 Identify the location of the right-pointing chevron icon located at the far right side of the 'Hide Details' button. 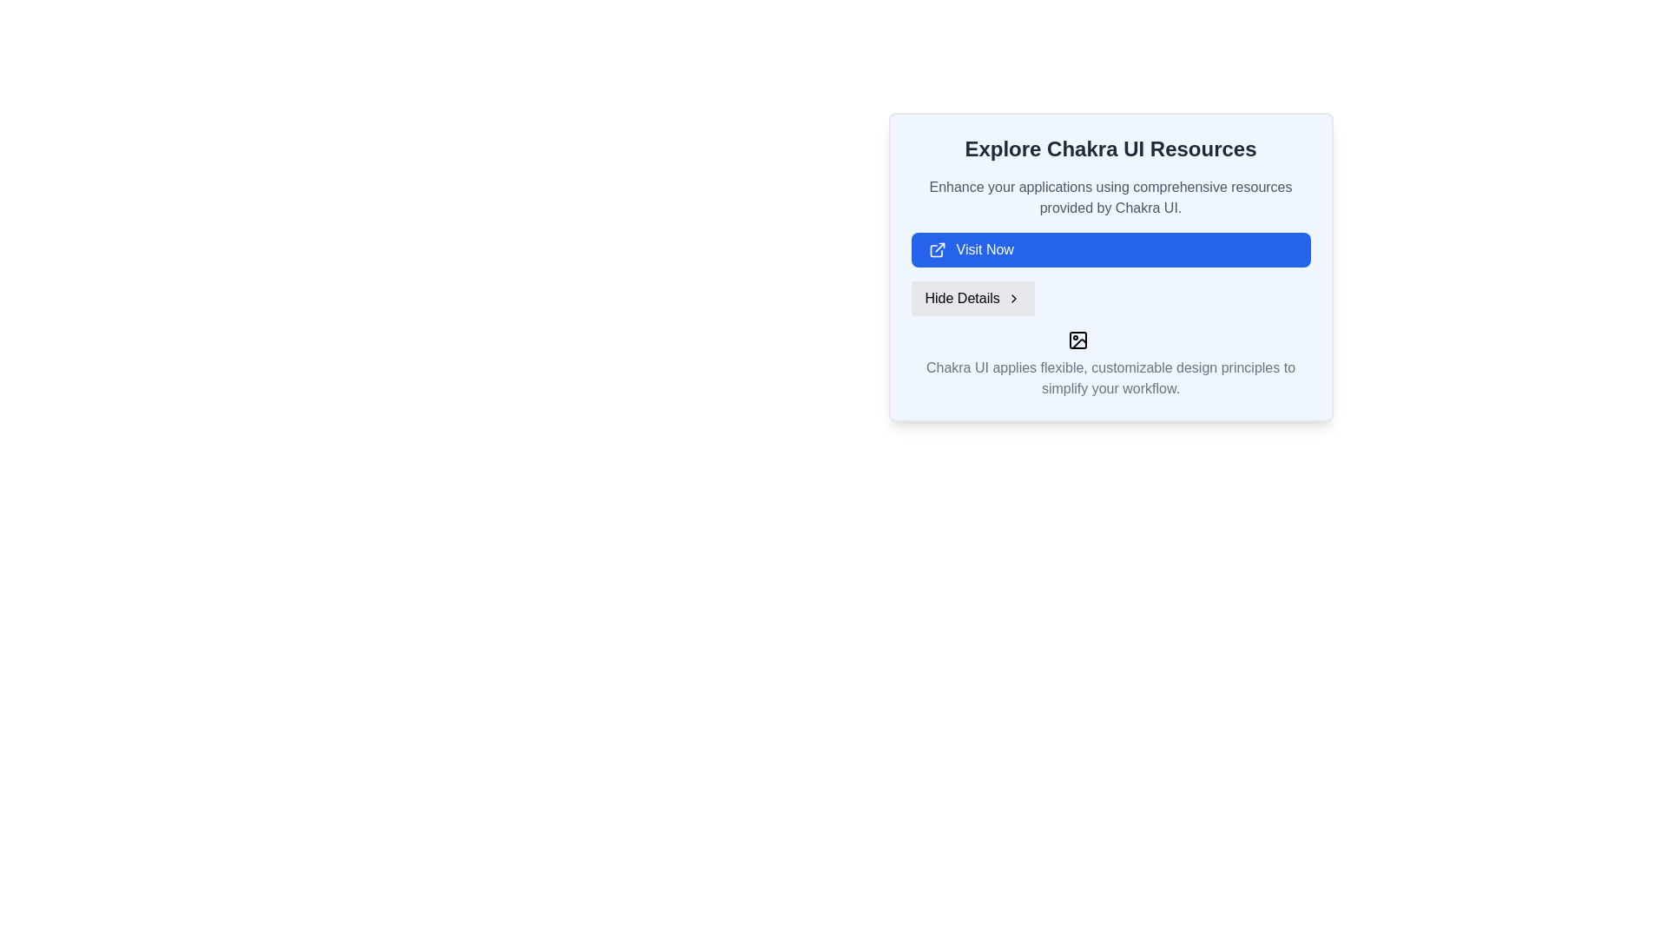
(1013, 297).